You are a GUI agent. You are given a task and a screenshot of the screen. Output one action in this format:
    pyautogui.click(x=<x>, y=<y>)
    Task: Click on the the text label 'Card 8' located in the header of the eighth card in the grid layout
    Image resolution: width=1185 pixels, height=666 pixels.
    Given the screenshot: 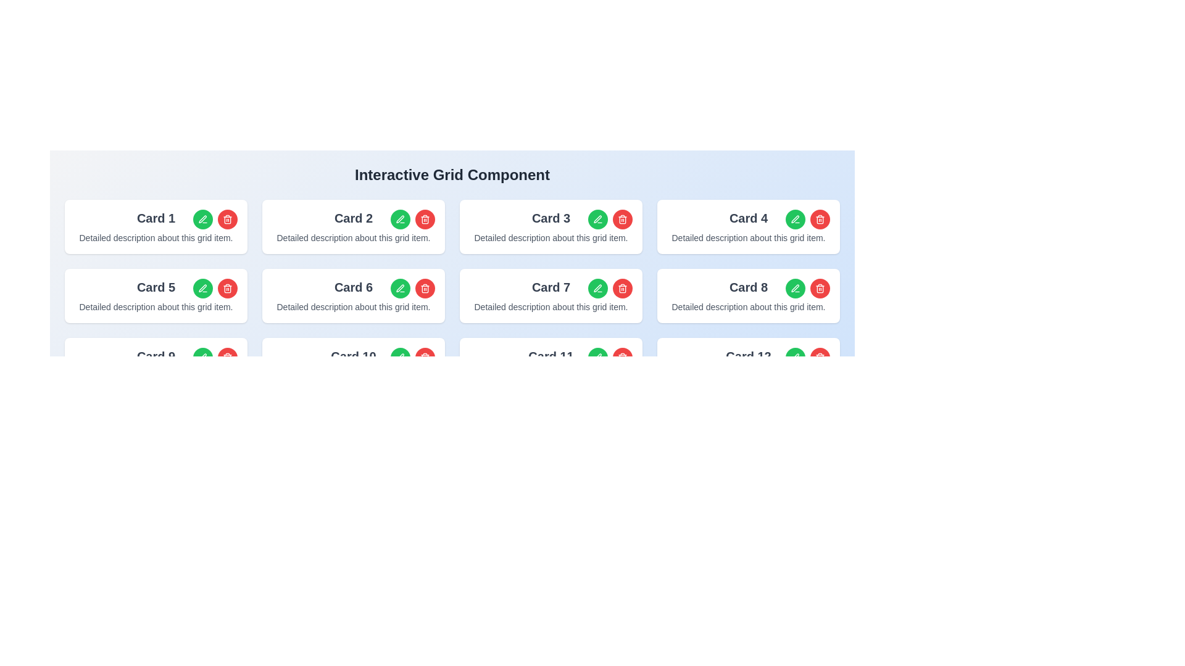 What is the action you would take?
    pyautogui.click(x=748, y=287)
    